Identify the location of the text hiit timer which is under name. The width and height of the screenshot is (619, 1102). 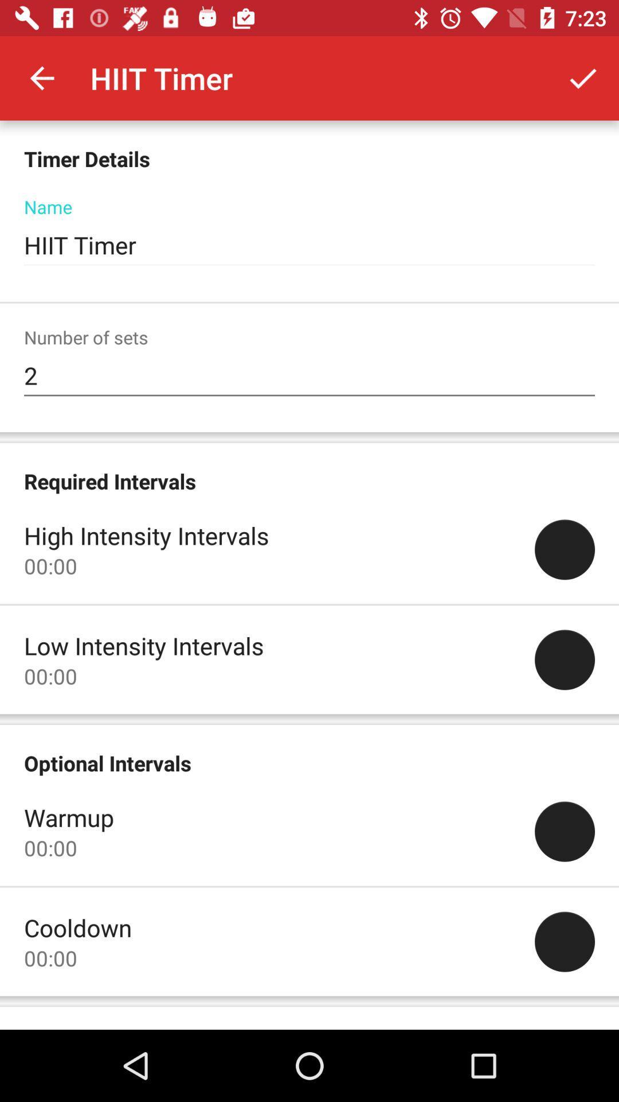
(309, 245).